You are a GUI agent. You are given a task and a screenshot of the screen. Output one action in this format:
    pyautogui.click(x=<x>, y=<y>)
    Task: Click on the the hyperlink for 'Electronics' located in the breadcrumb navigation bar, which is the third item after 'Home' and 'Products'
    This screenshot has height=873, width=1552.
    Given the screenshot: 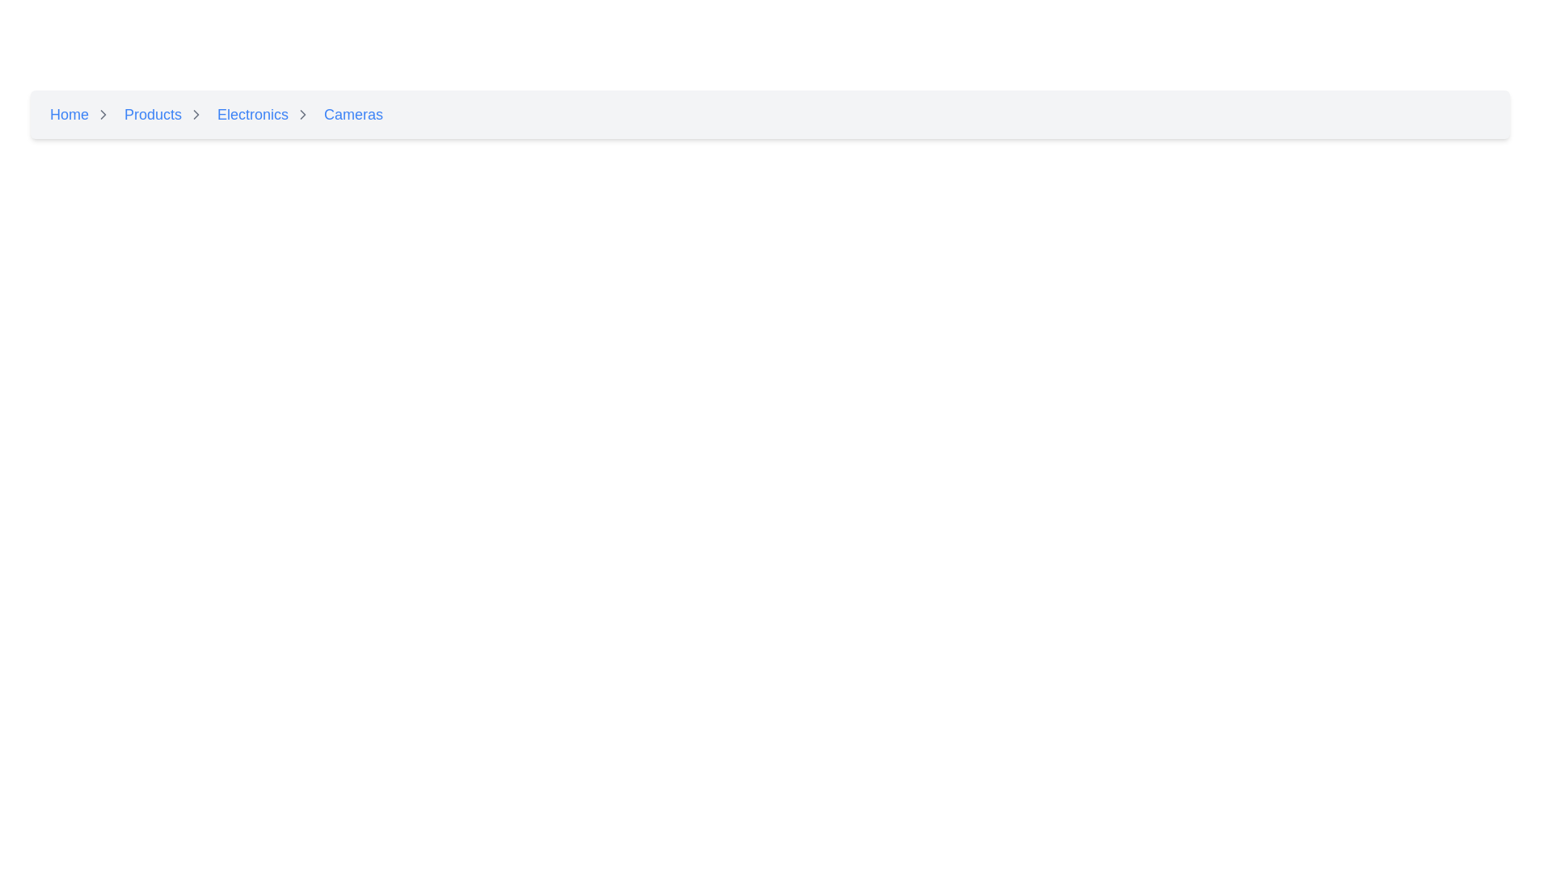 What is the action you would take?
    pyautogui.click(x=252, y=114)
    